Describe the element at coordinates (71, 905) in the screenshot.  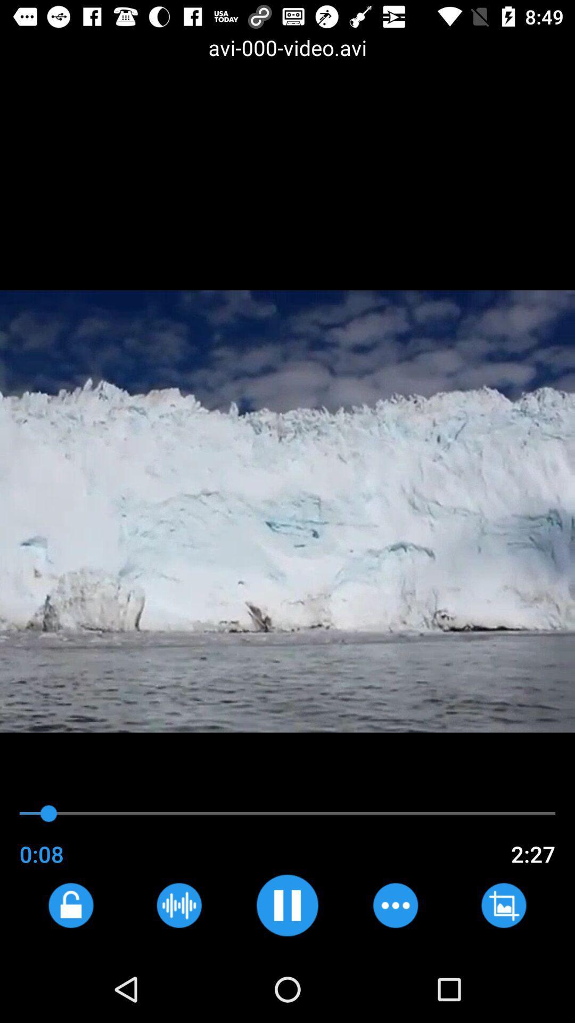
I see `lock the mesdia` at that location.